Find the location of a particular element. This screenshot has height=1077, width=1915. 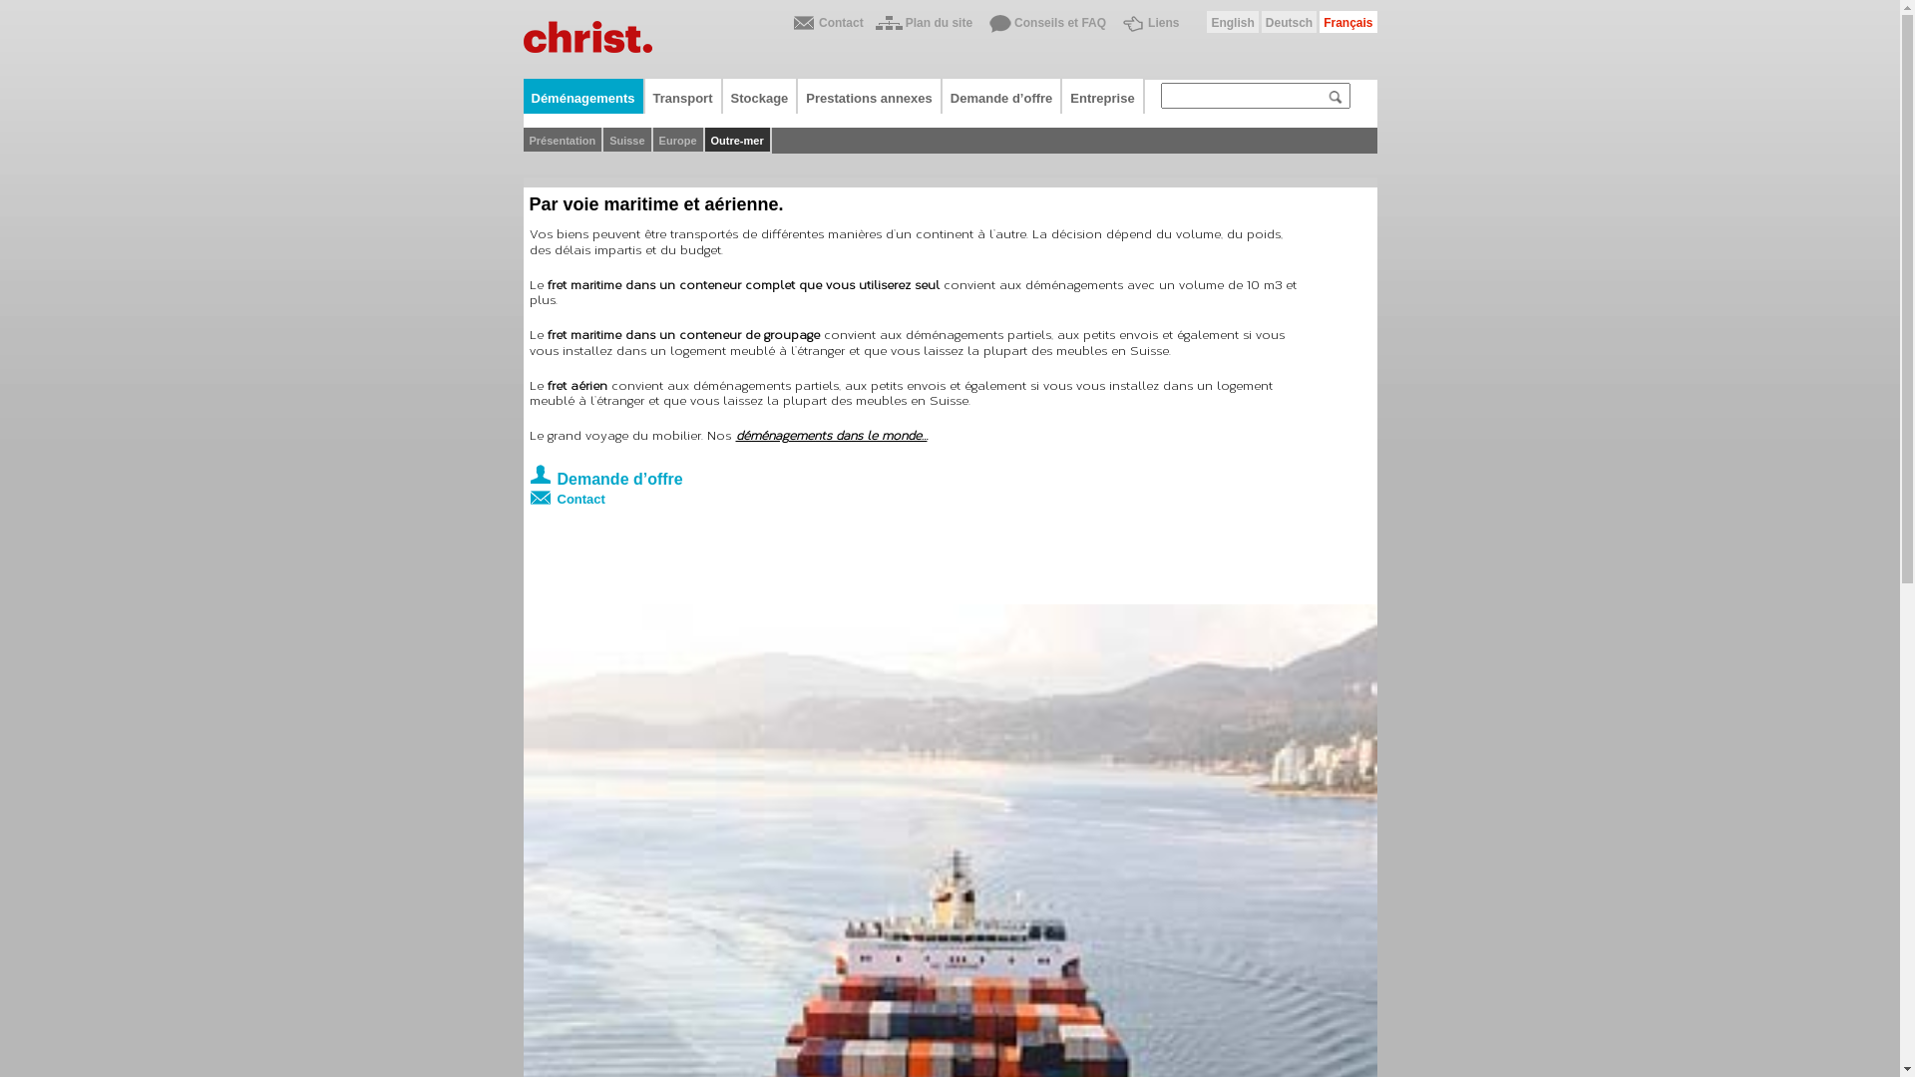

'Outre-mer' is located at coordinates (737, 140).